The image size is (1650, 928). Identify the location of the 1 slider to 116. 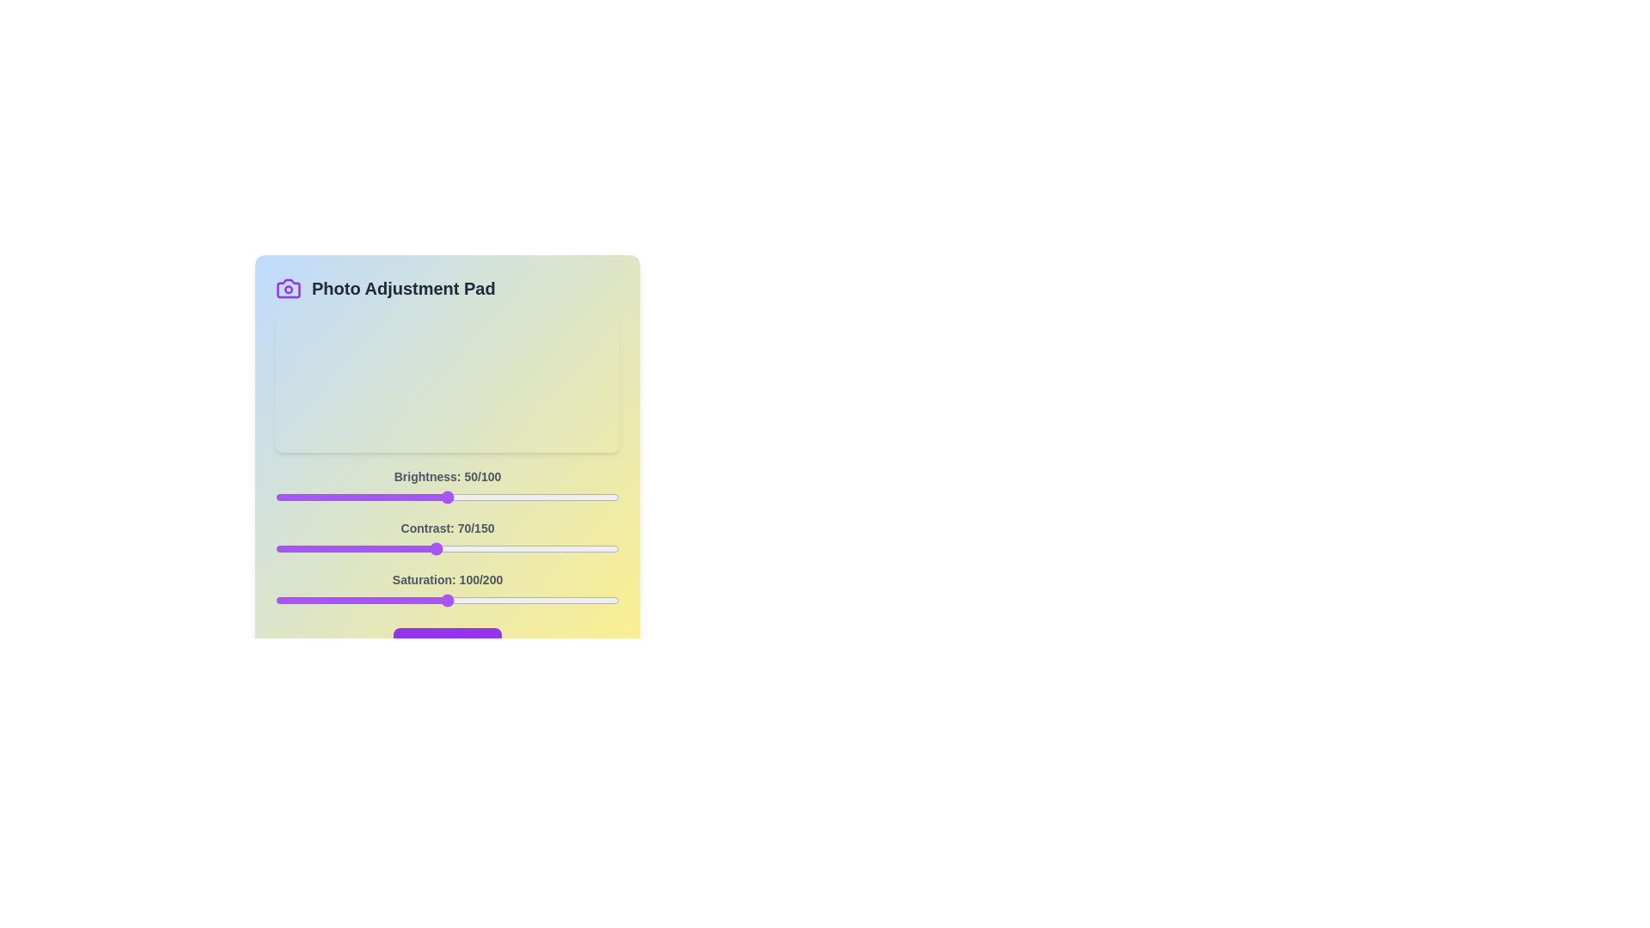
(541, 549).